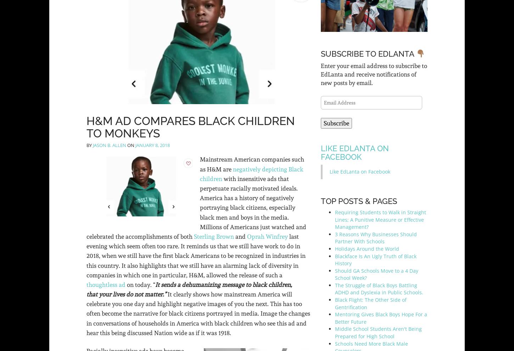 The height and width of the screenshot is (351, 514). What do you see at coordinates (130, 145) in the screenshot?
I see `'on'` at bounding box center [130, 145].